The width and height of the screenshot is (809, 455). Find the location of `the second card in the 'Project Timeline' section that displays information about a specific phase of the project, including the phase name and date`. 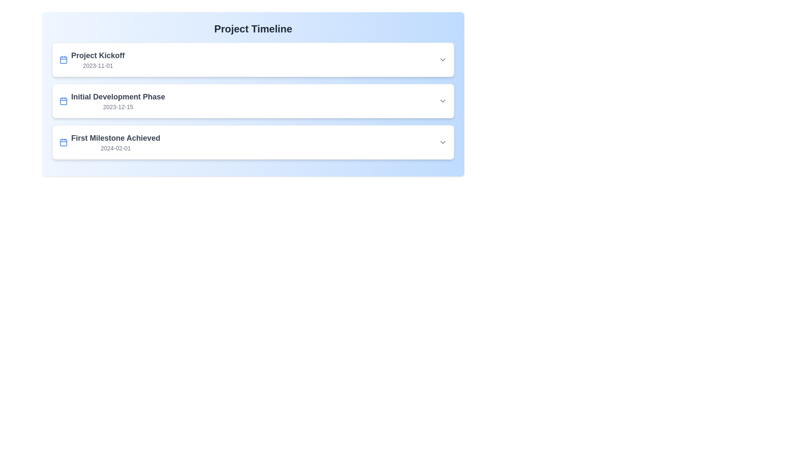

the second card in the 'Project Timeline' section that displays information about a specific phase of the project, including the phase name and date is located at coordinates (252, 100).